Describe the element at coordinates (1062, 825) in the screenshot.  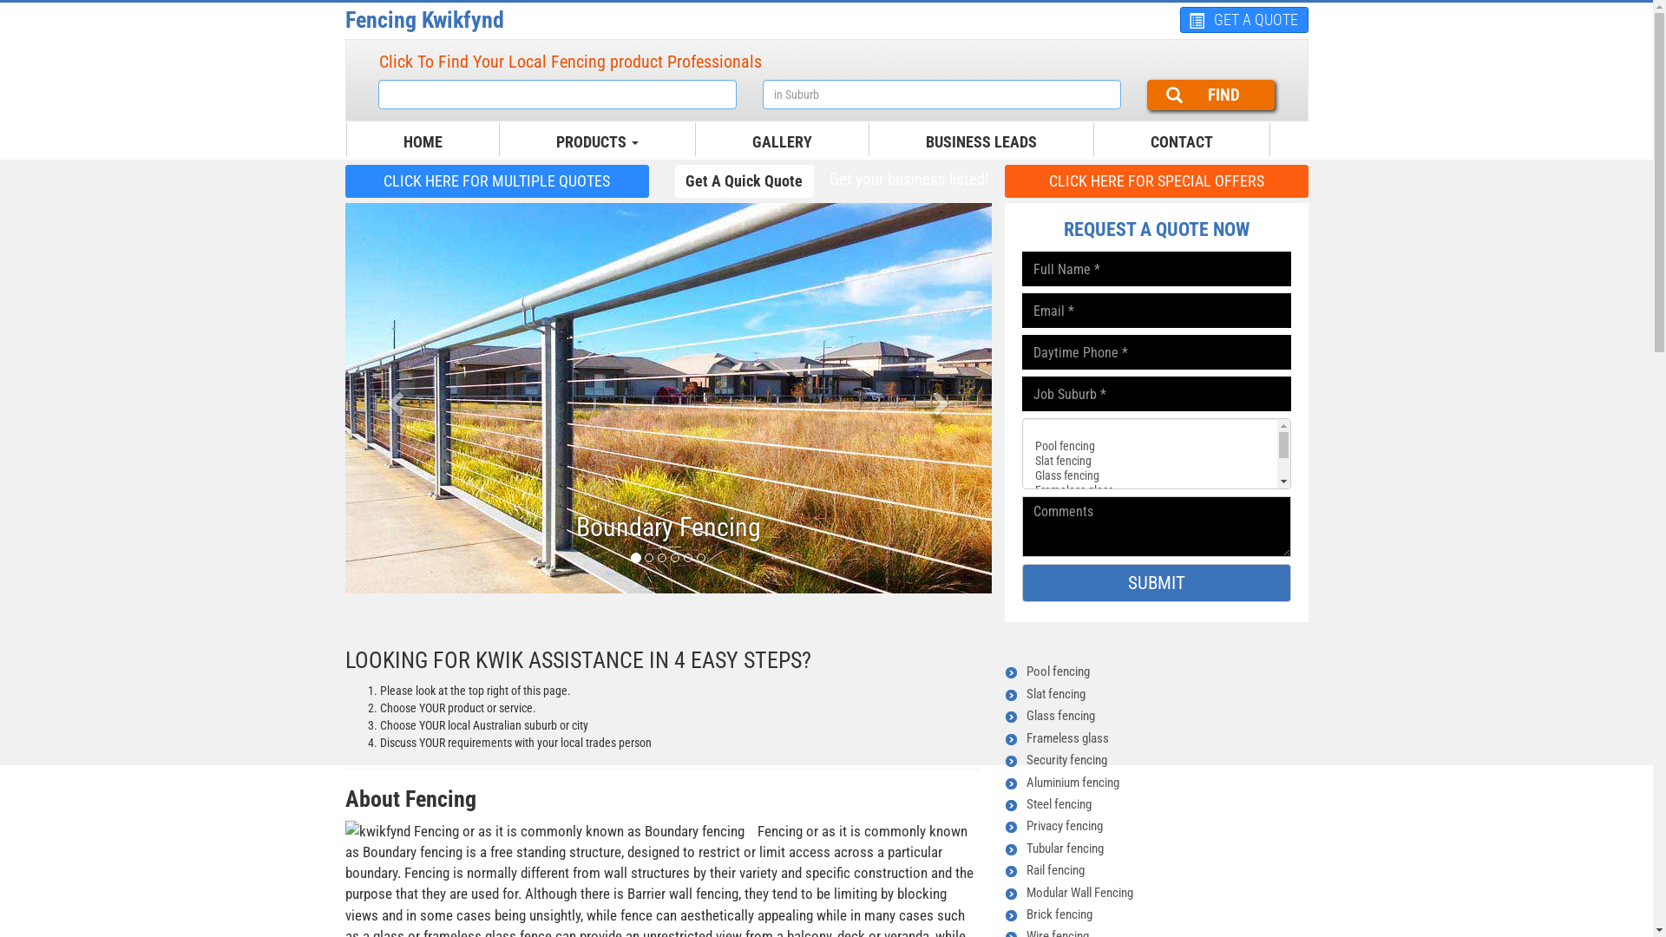
I see `'Privacy fencing'` at that location.